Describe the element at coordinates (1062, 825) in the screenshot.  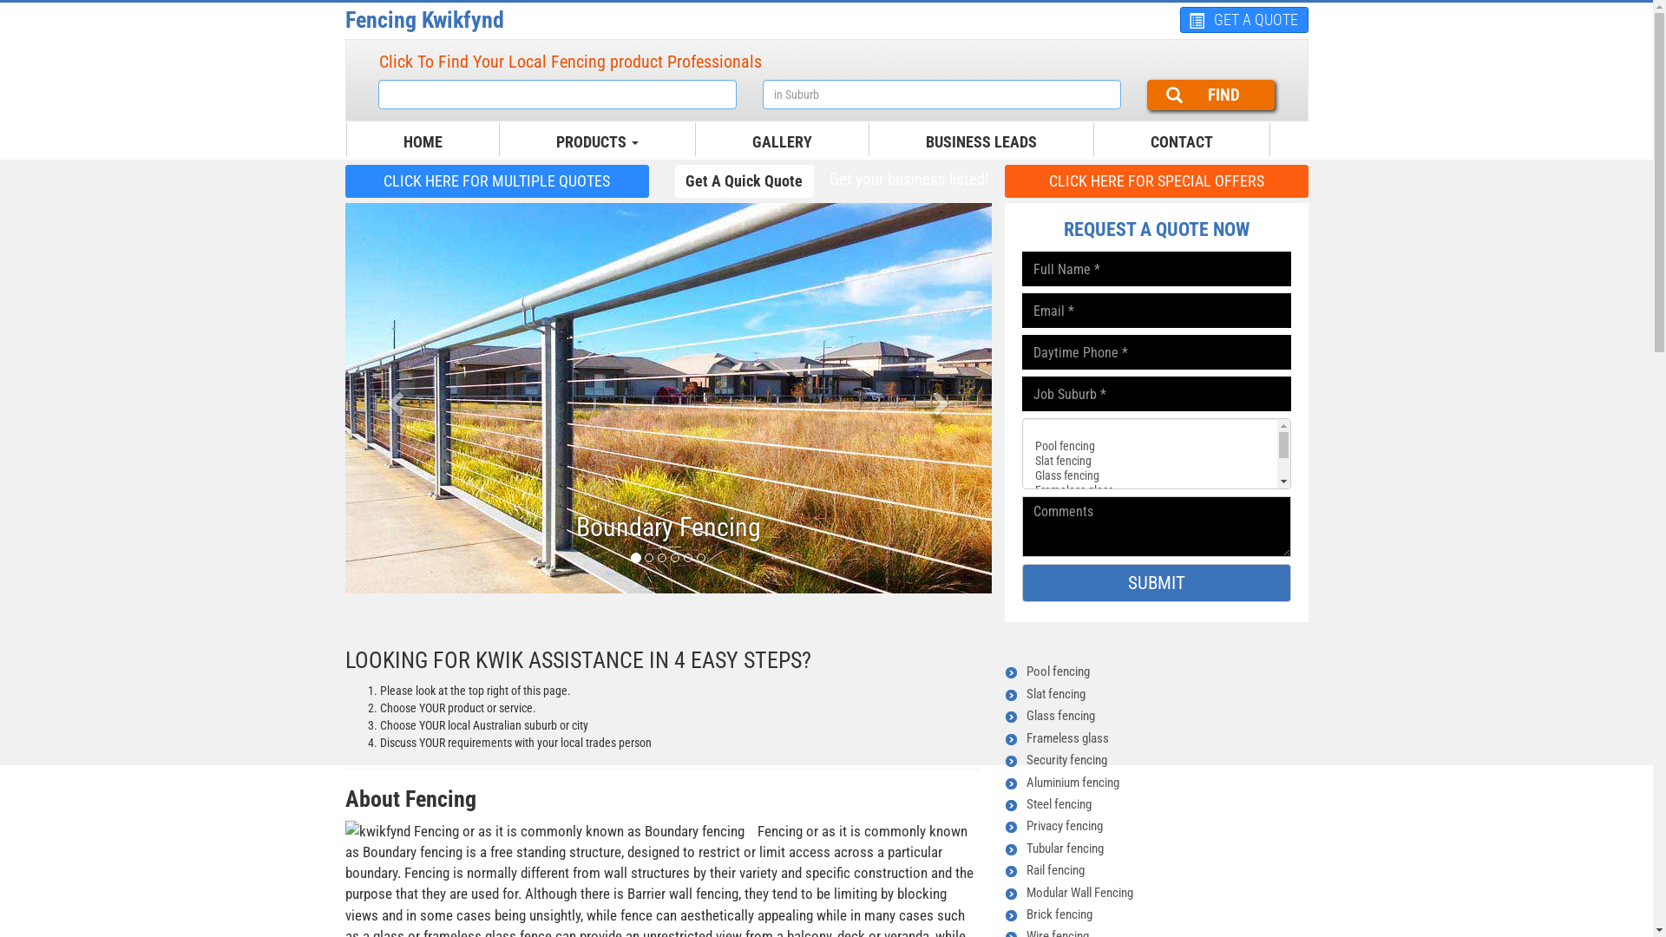
I see `'Privacy fencing'` at that location.